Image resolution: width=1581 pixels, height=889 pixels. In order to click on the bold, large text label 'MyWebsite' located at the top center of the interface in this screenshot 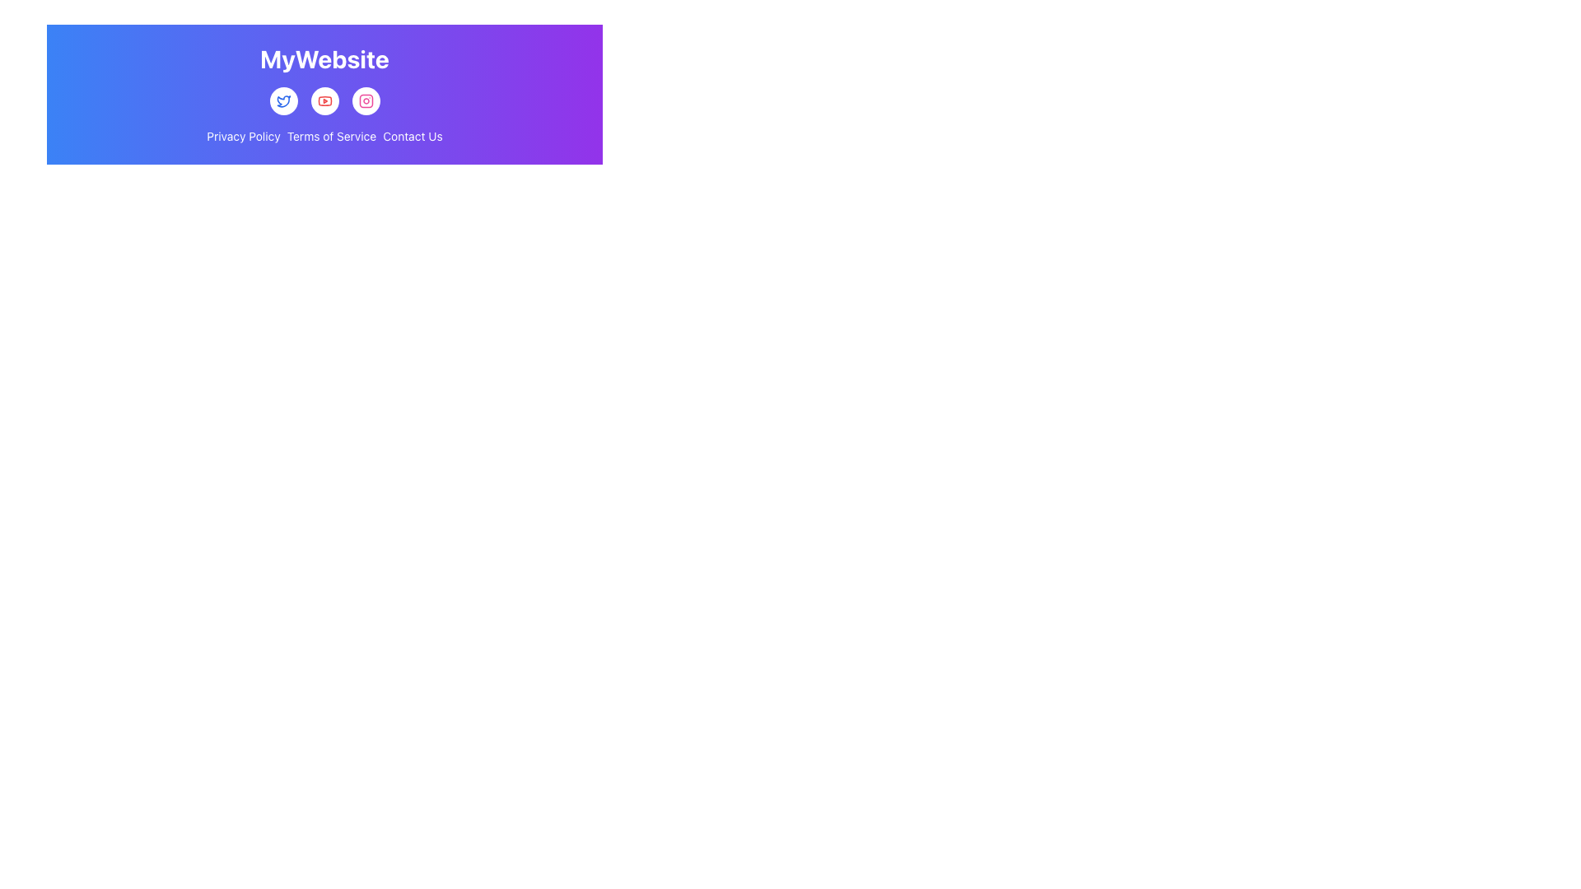, I will do `click(324, 58)`.